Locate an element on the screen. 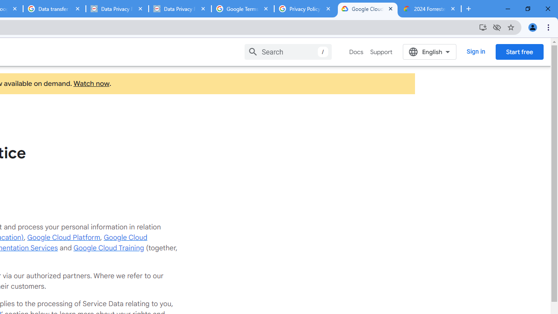 The image size is (558, 314). 'English' is located at coordinates (429, 51).